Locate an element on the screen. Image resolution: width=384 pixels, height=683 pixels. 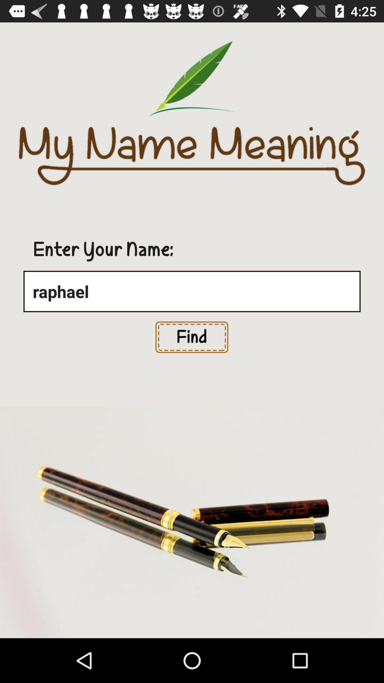
the email icon is located at coordinates (191, 337).